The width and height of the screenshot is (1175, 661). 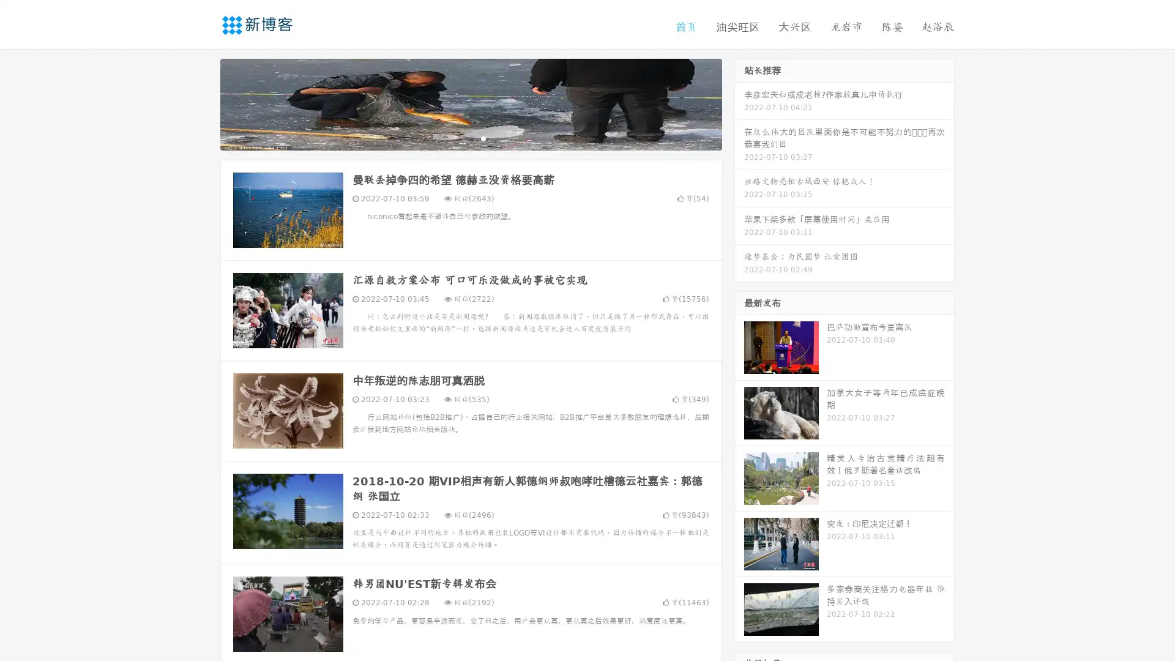 What do you see at coordinates (202, 103) in the screenshot?
I see `Previous slide` at bounding box center [202, 103].